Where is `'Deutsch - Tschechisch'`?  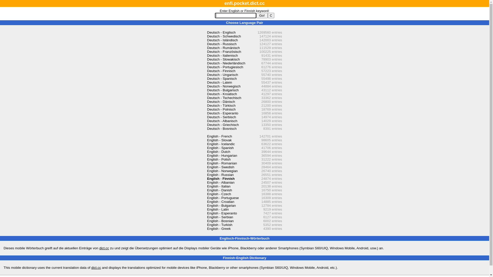
'Deutsch - Tschechisch' is located at coordinates (224, 98).